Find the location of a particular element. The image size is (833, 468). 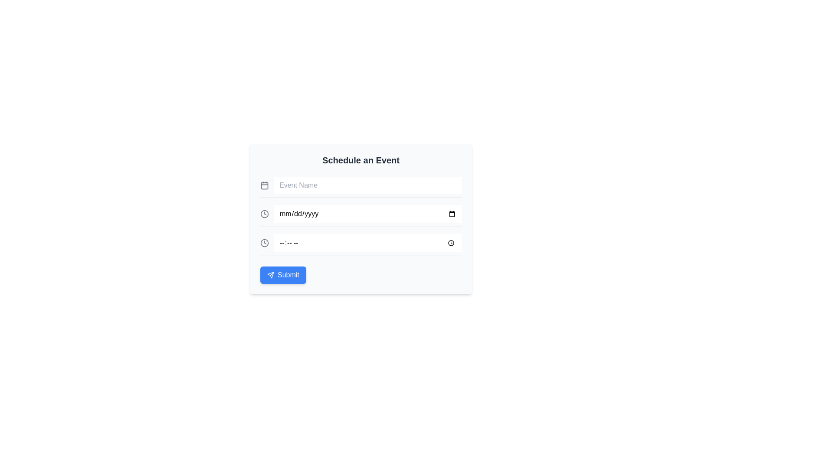

title of the text-based heading located at the top of the form, which provides context about the form's purpose is located at coordinates (361, 160).